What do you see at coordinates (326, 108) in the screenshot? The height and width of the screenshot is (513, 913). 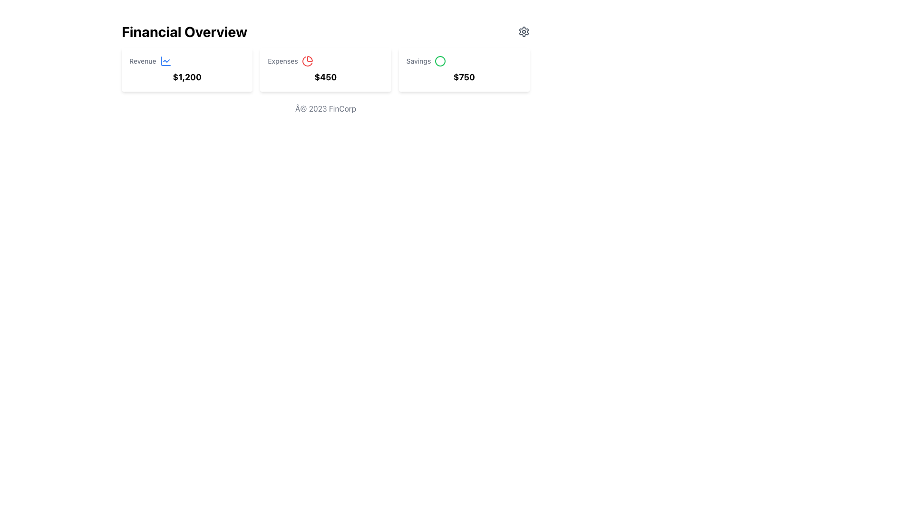 I see `the text label that displays '© 2023 FinCorp', which is styled with a gray color and centered alignment, located at the bottom of the 'Financial Overview' section` at bounding box center [326, 108].